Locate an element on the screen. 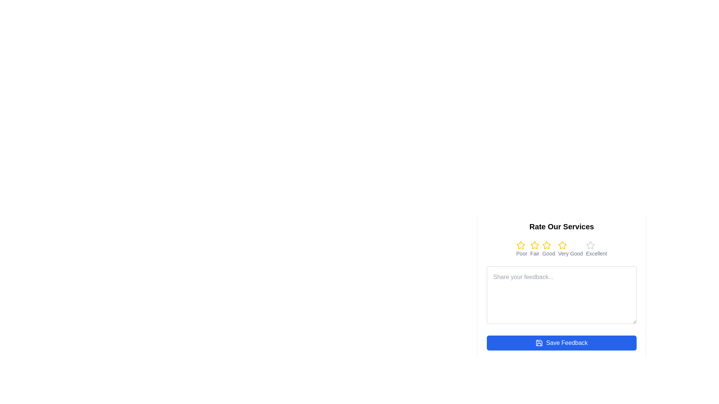  the text label displaying the word 'Poor' which is located below the first star in a row of five rating stars in the feedback form is located at coordinates (521, 253).